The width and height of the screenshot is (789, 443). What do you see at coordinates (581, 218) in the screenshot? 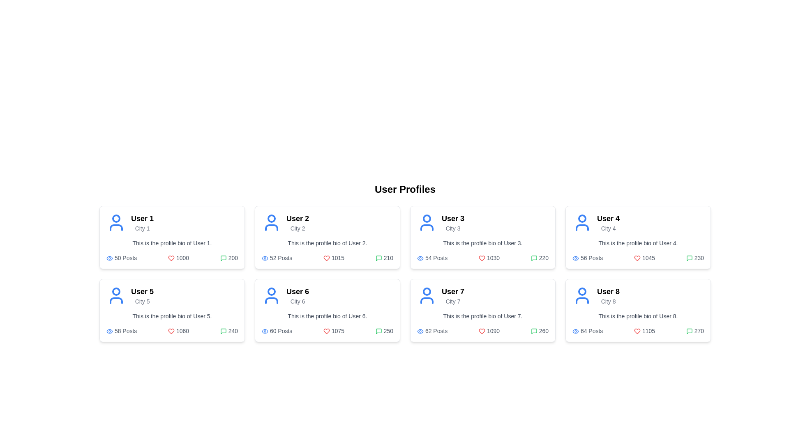
I see `the circular iconography component representing the user's head in the profile icon of 'User 4' located in the second row and second column of the profile card grid layout` at bounding box center [581, 218].